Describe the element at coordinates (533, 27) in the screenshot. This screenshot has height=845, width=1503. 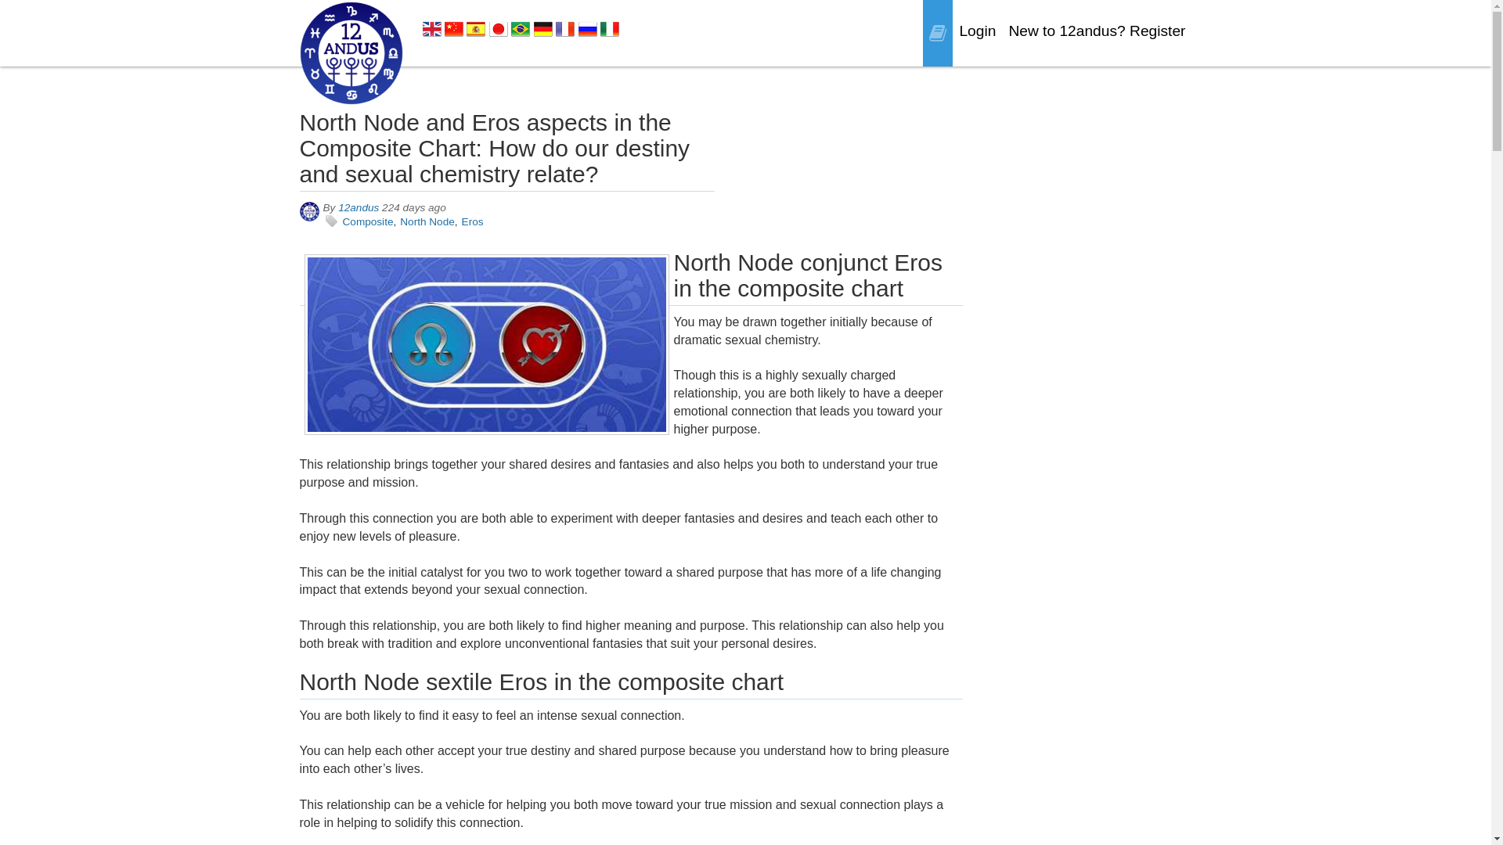
I see `'German'` at that location.